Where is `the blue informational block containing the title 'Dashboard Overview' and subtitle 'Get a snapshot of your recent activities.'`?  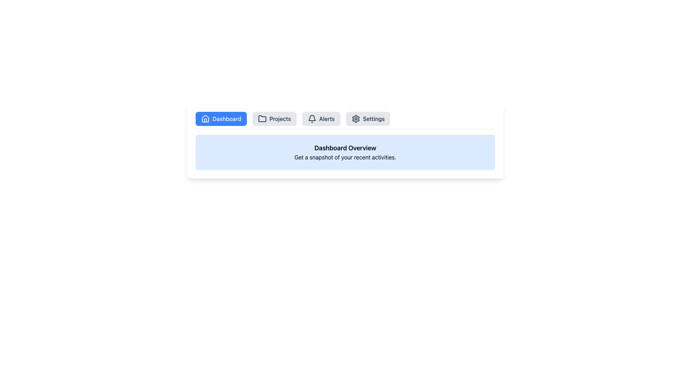
the blue informational block containing the title 'Dashboard Overview' and subtitle 'Get a snapshot of your recent activities.' is located at coordinates (345, 152).